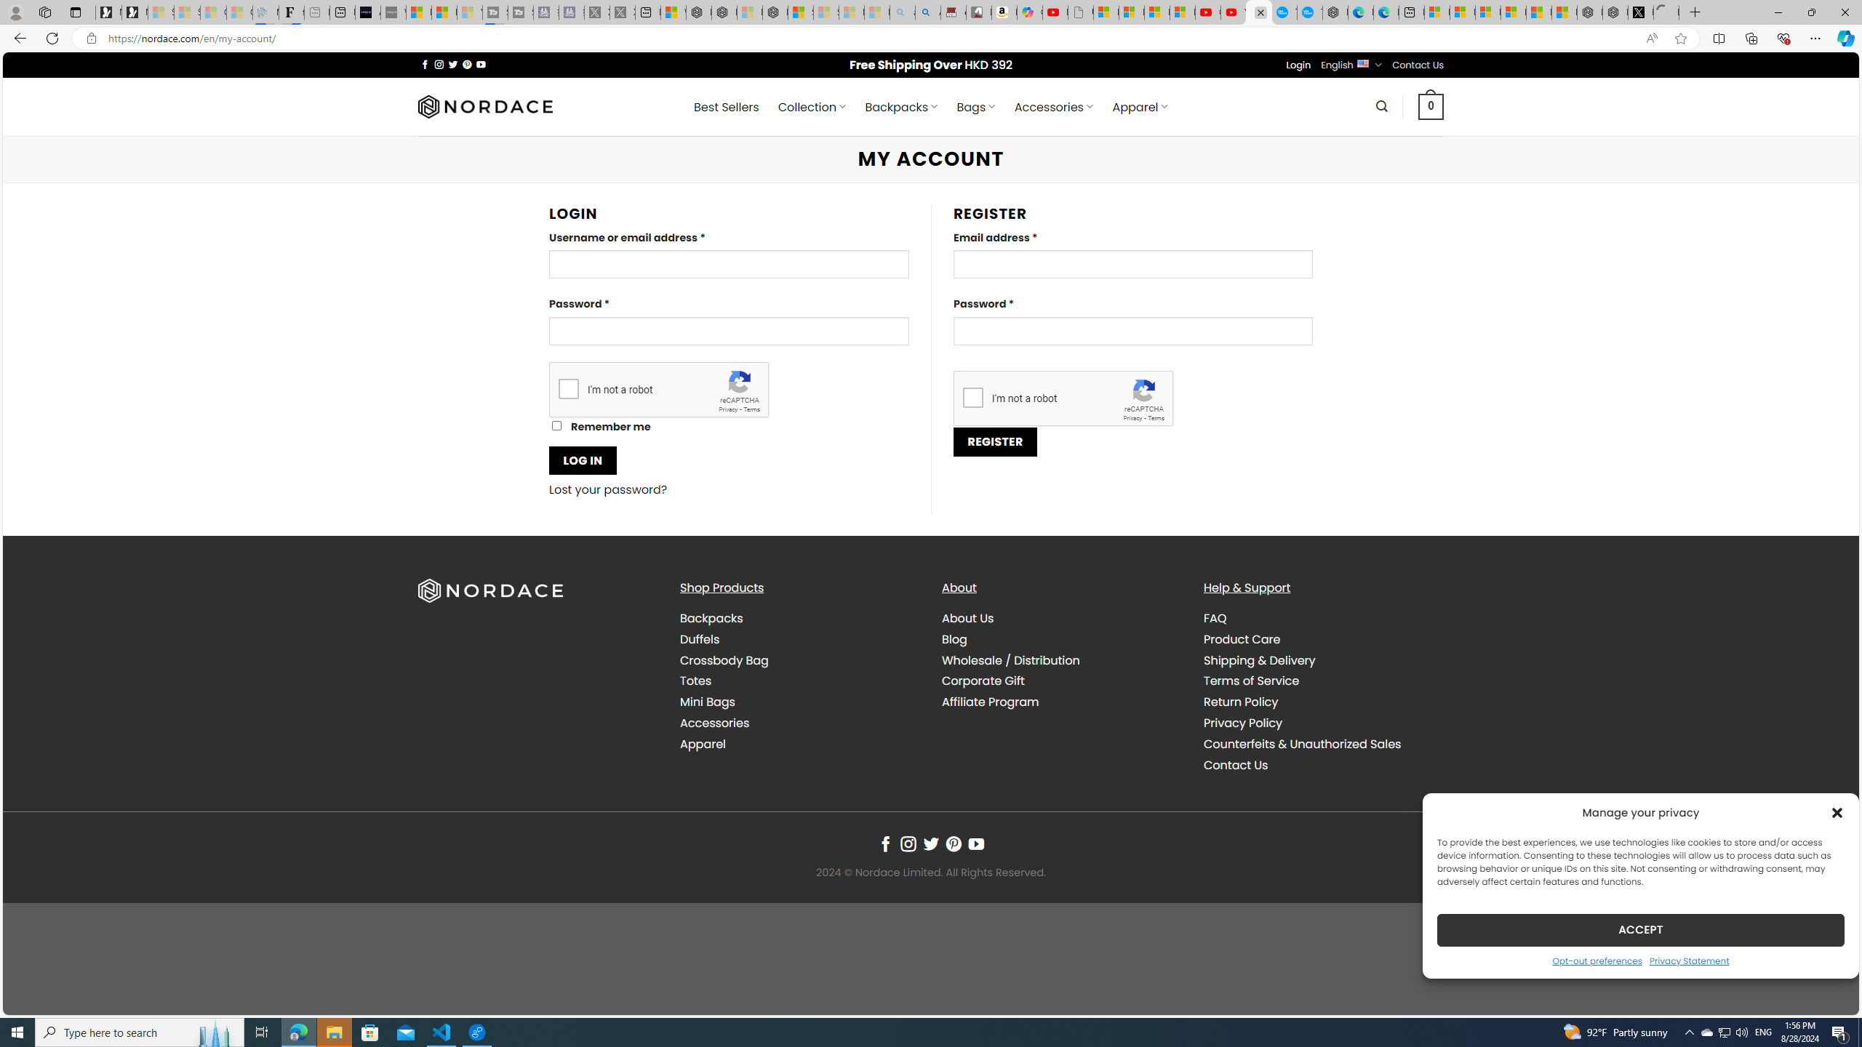 This screenshot has height=1047, width=1862. I want to click on ' 0 ', so click(1430, 105).